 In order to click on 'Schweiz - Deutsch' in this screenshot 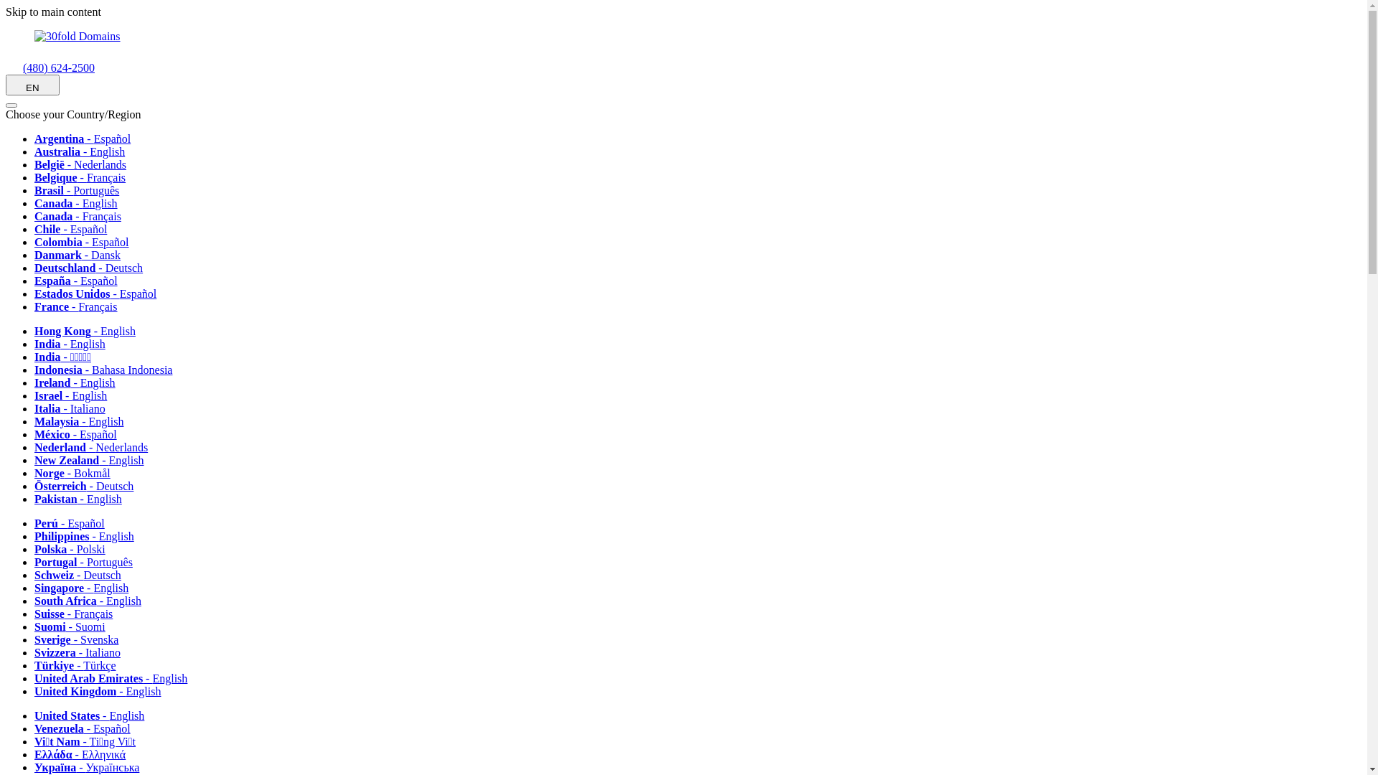, I will do `click(82, 574)`.